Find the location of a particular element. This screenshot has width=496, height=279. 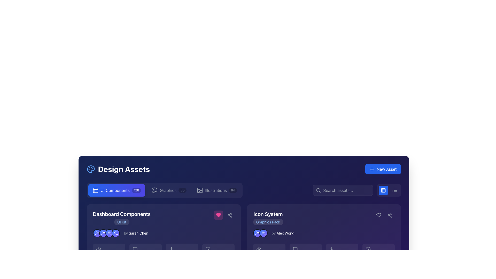

the heading component labeled 'UI Kit' located in the highlighted 'Dashboard Components' section is located at coordinates (121, 218).